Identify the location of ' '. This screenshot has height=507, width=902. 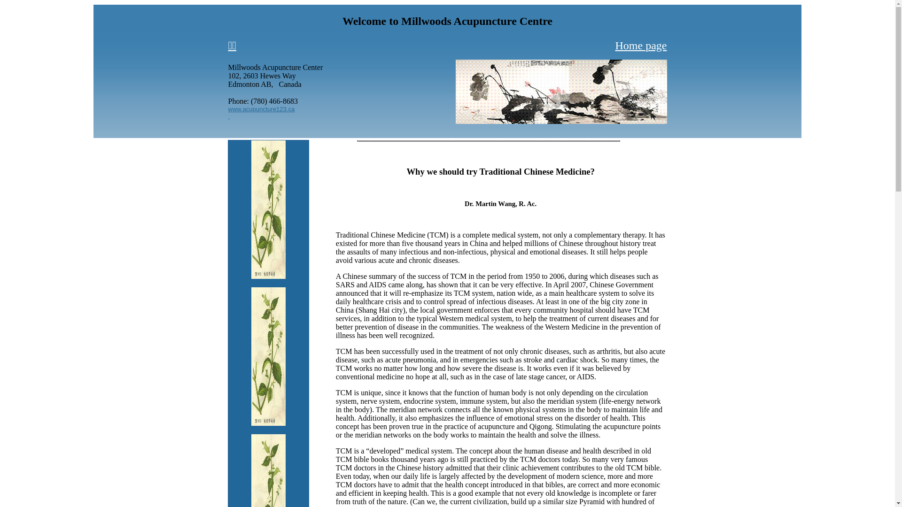
(229, 115).